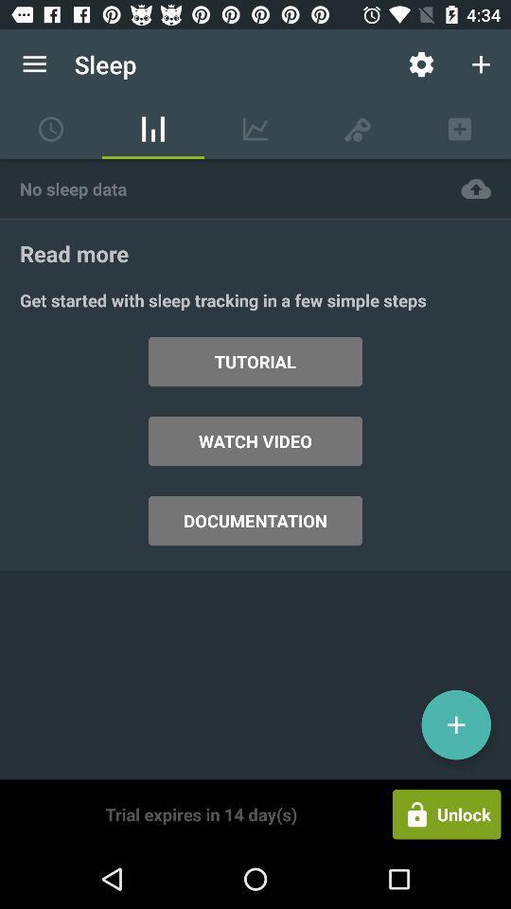 The height and width of the screenshot is (909, 511). I want to click on icon next to the no sleep data icon, so click(475, 188).